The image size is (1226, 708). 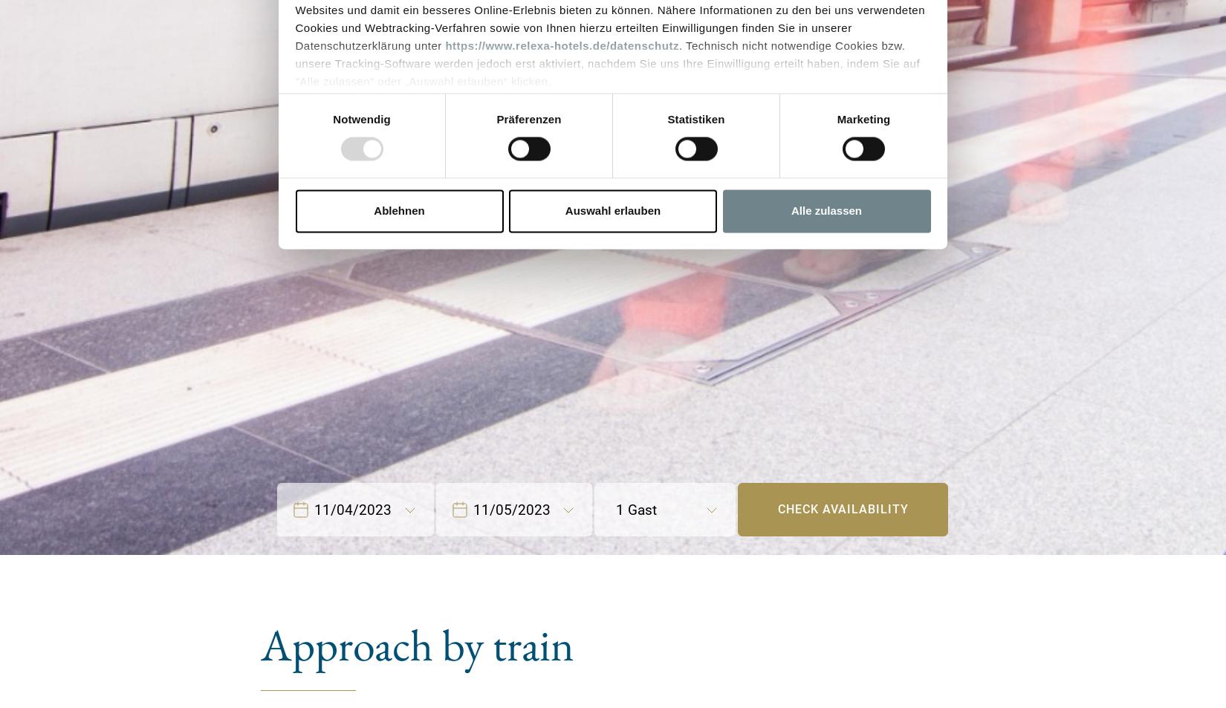 What do you see at coordinates (826, 210) in the screenshot?
I see `'Alle zulassen'` at bounding box center [826, 210].